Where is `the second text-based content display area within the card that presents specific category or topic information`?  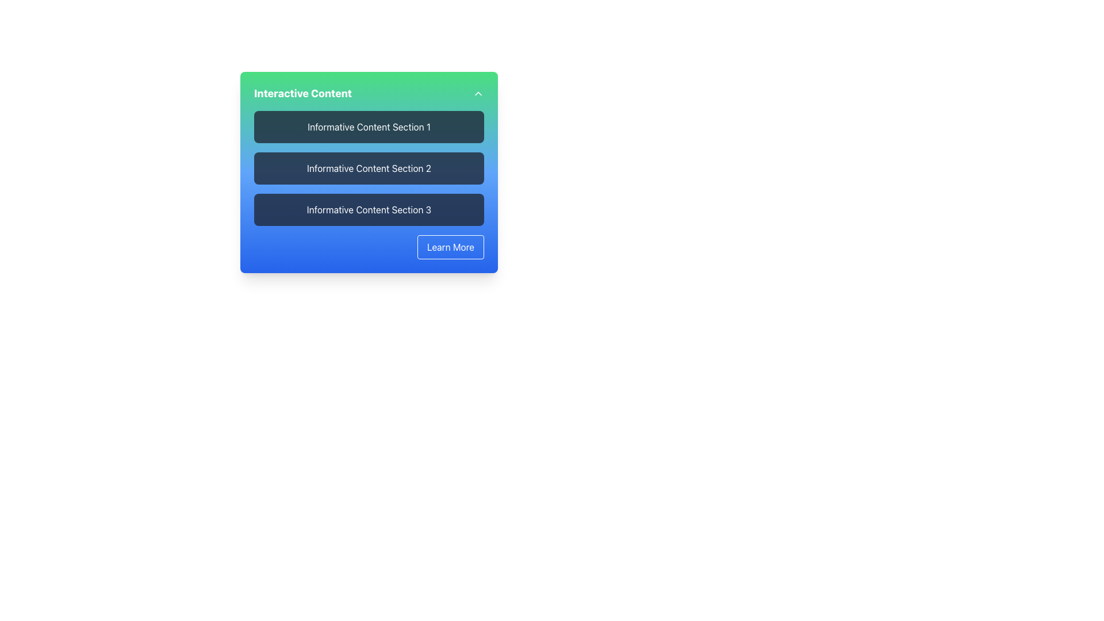
the second text-based content display area within the card that presents specific category or topic information is located at coordinates (369, 172).